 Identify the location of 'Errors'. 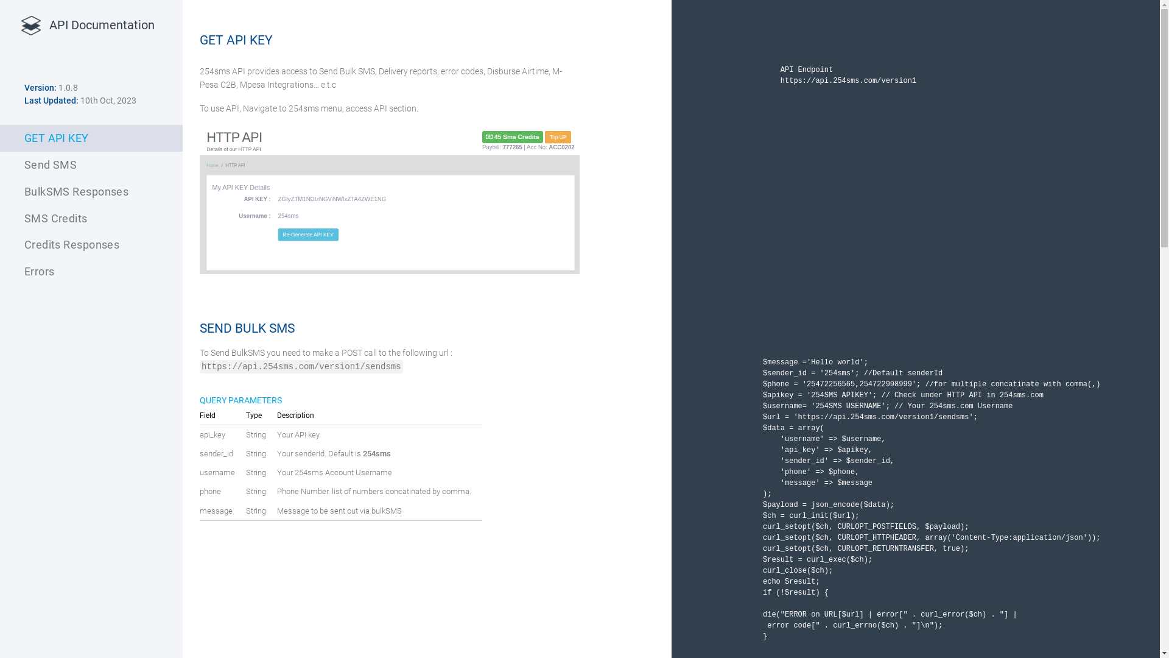
(90, 271).